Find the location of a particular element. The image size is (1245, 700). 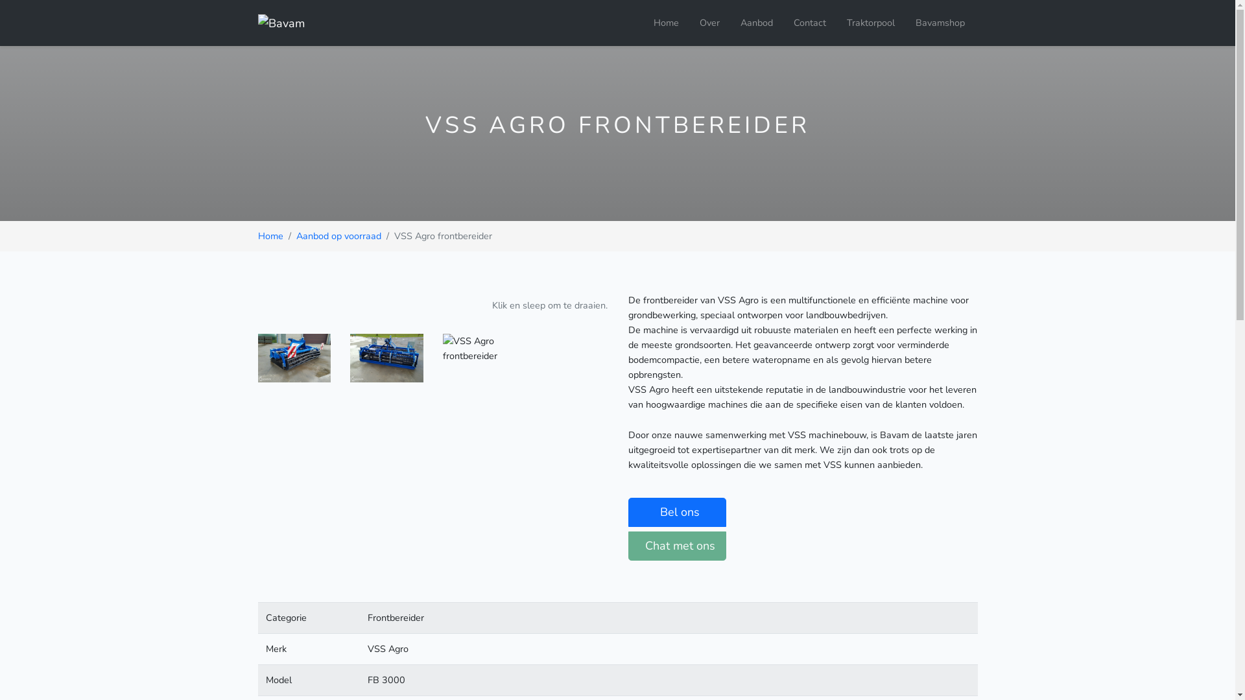

'Home' is located at coordinates (270, 235).